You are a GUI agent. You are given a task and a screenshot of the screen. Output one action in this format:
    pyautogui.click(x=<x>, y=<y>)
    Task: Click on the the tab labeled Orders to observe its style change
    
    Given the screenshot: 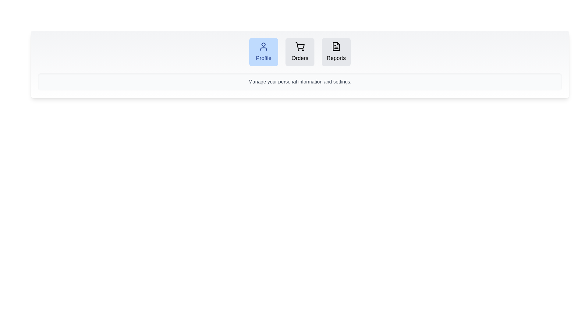 What is the action you would take?
    pyautogui.click(x=300, y=51)
    